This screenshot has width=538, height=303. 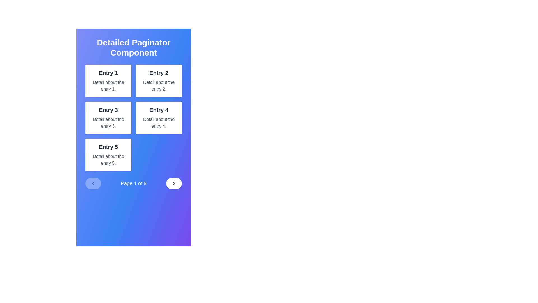 I want to click on the text label indicating the current page number and total number of pages in the pagination component, which is centrally positioned at the bottom of the interface, so click(x=133, y=183).